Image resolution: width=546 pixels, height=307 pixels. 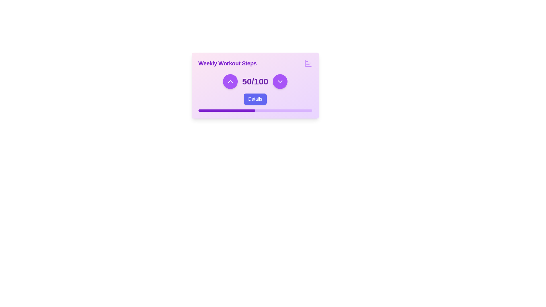 What do you see at coordinates (230, 81) in the screenshot?
I see `the button located on the left side of the row, which increases the associated numerical value when clicked` at bounding box center [230, 81].